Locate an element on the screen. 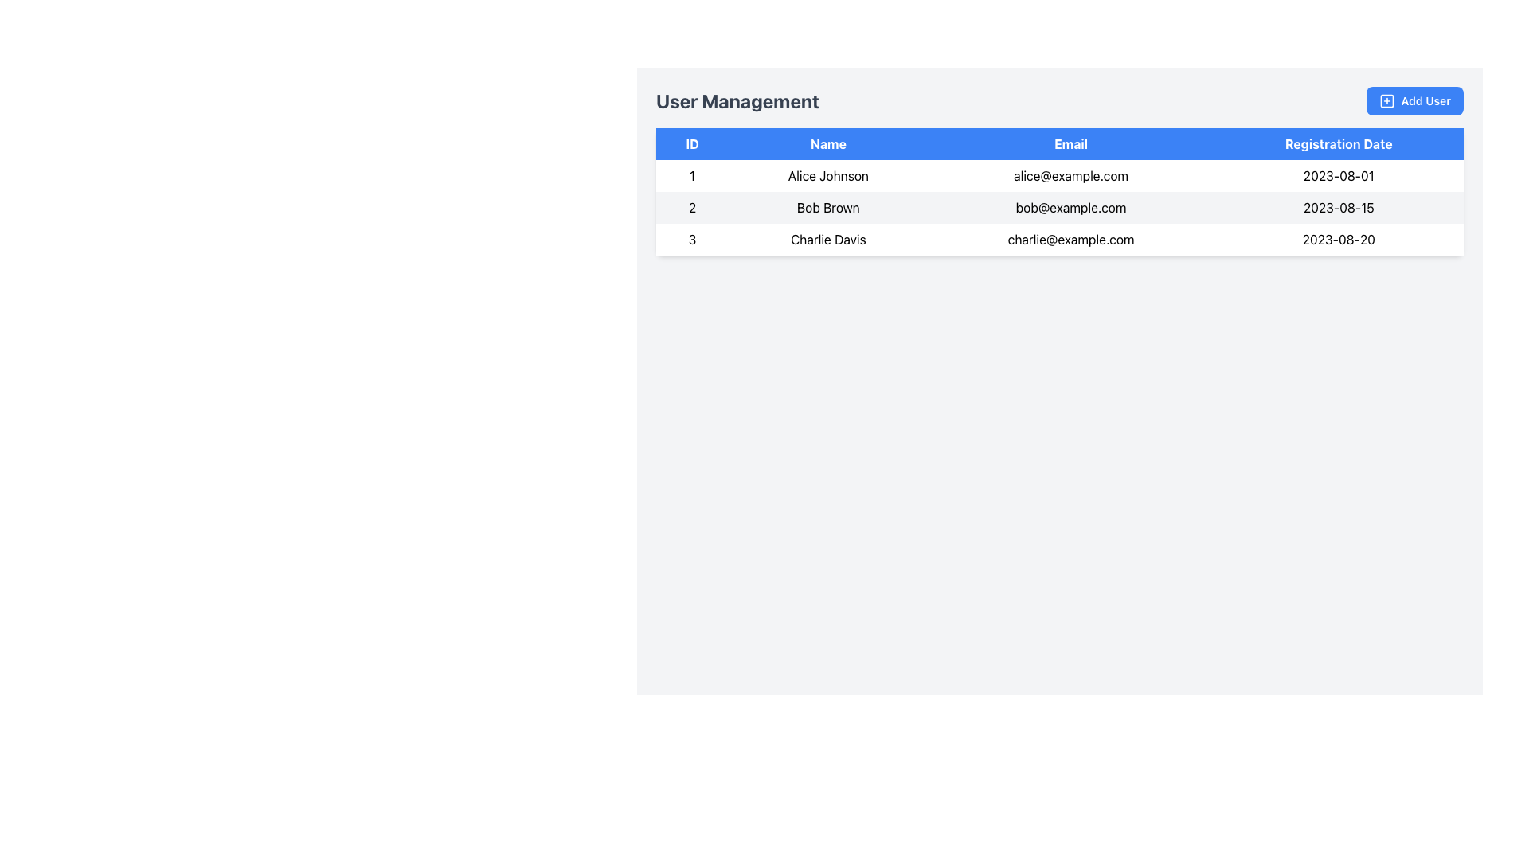 This screenshot has width=1529, height=860. the 'Email' column header in the table, which is the third column header located between the 'Name' and 'Registration Date' columns is located at coordinates (1071, 144).